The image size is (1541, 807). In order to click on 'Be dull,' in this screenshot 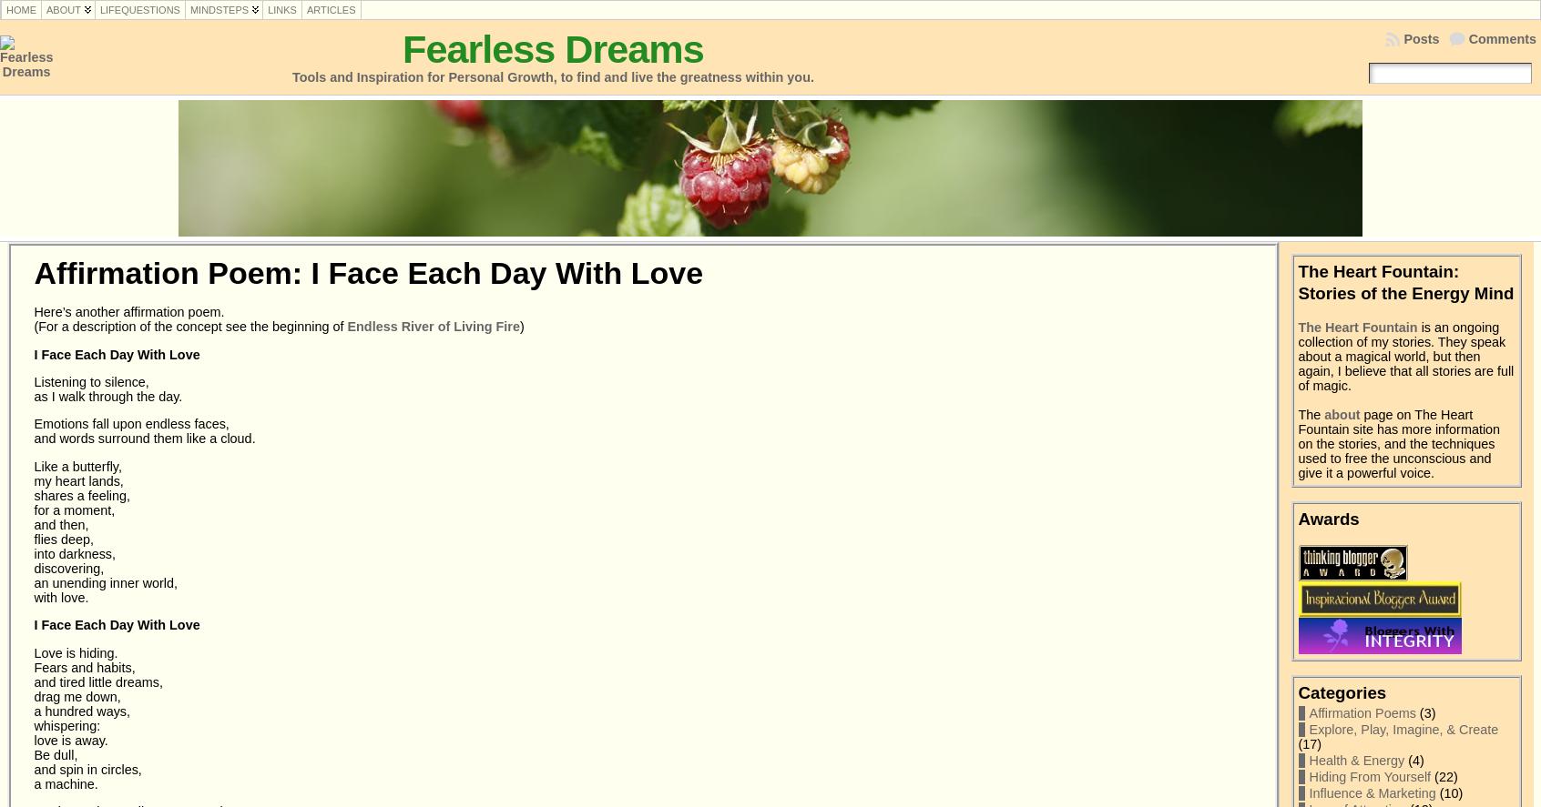, I will do `click(55, 753)`.